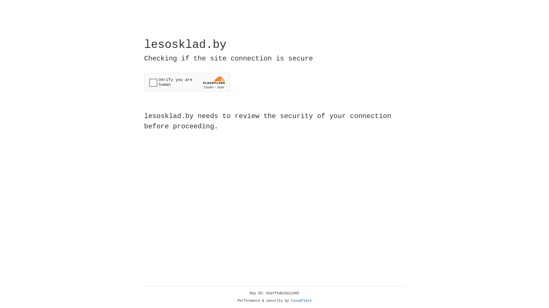 Image resolution: width=549 pixels, height=308 pixels. What do you see at coordinates (301, 301) in the screenshot?
I see `'Cloudflare'` at bounding box center [301, 301].